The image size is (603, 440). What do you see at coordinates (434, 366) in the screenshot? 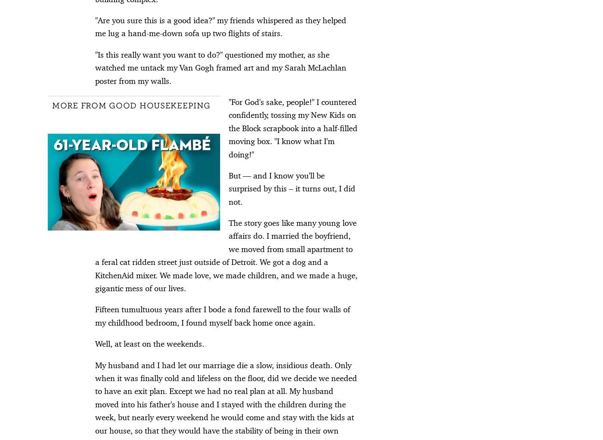
I see `'Giveaways'` at bounding box center [434, 366].